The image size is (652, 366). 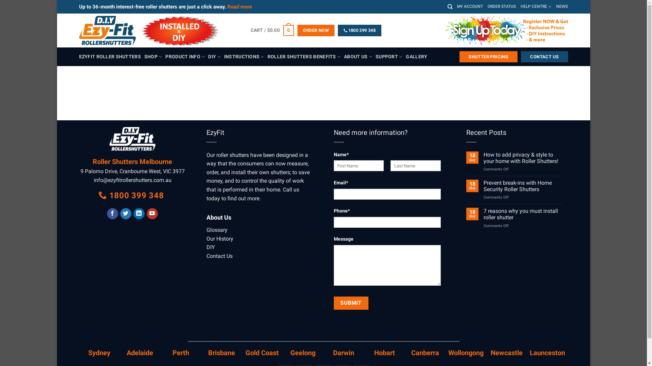 What do you see at coordinates (359, 30) in the screenshot?
I see `' 1800 399 348'` at bounding box center [359, 30].